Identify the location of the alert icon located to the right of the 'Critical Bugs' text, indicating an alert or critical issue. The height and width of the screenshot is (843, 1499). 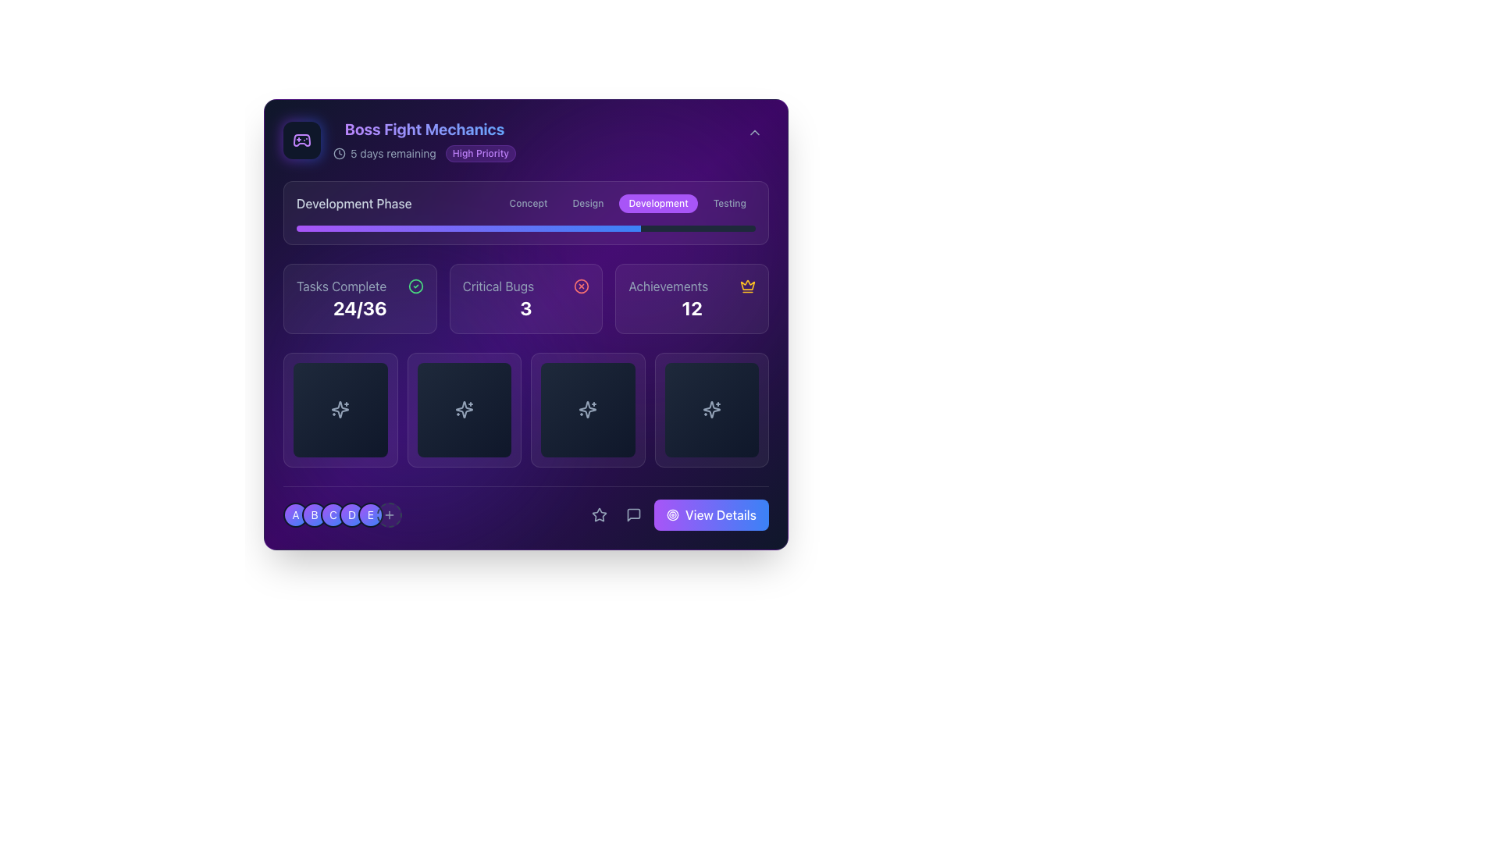
(581, 286).